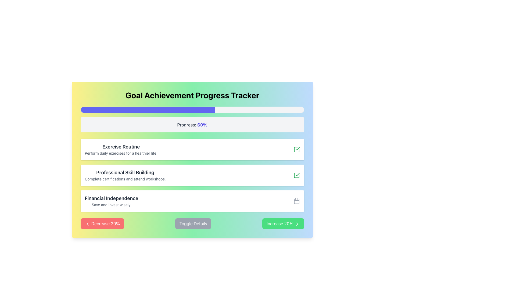 The height and width of the screenshot is (290, 516). I want to click on text element that says 'Complete certifications and attend workshops.' located under the 'Professional Skill Building' section, so click(125, 179).